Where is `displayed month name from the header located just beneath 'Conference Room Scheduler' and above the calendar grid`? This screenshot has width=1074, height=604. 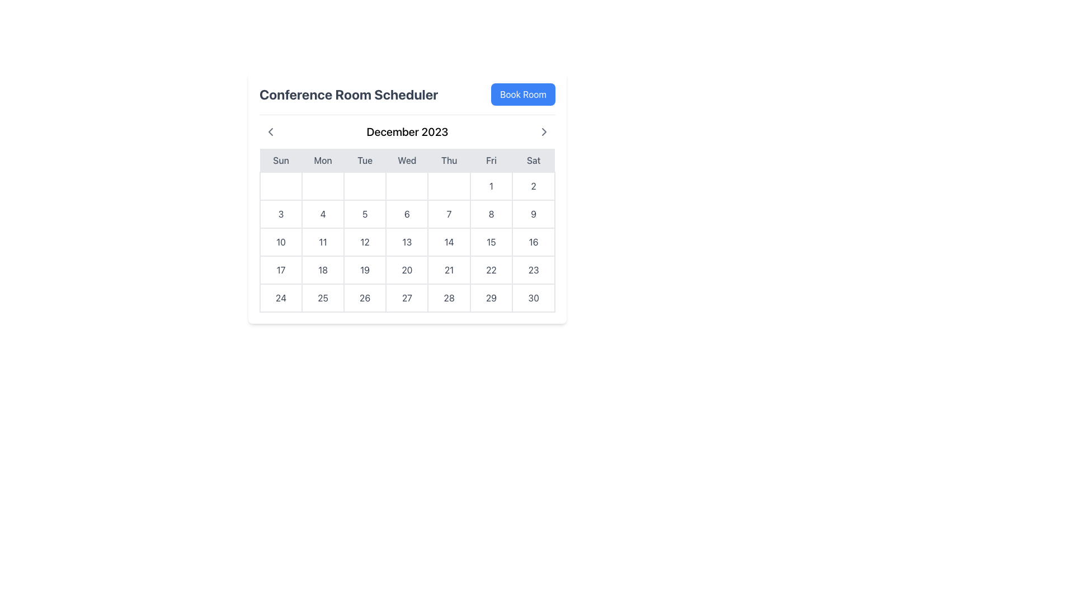
displayed month name from the header located just beneath 'Conference Room Scheduler' and above the calendar grid is located at coordinates (407, 131).